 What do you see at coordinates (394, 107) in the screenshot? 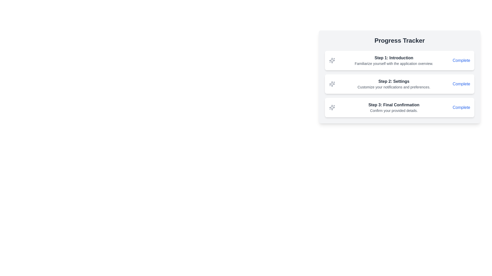
I see `text segment that states 'Step 3: Final Confirmation' and 'Confirm your provided details.' which is located in the main content area of the third card in a vertical progress tracker` at bounding box center [394, 107].